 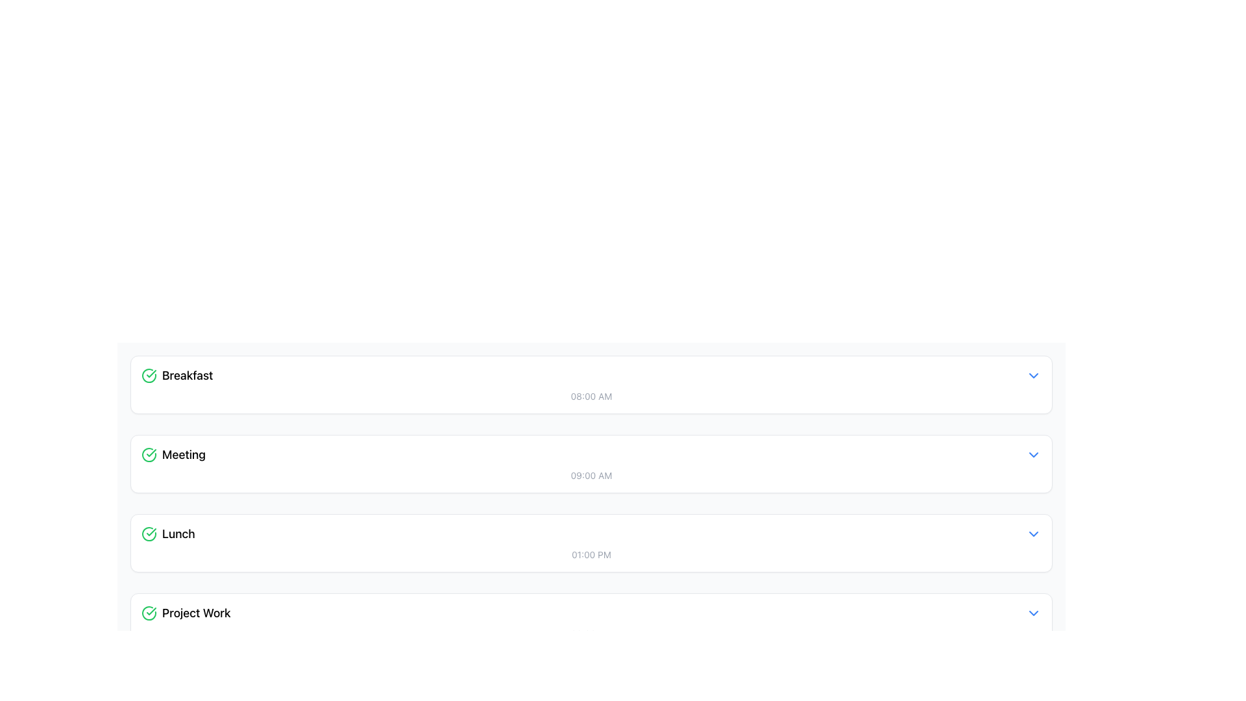 I want to click on the green checkmark icon indicating completion, located to the left of the 'Breakfast' text label, so click(x=151, y=611).